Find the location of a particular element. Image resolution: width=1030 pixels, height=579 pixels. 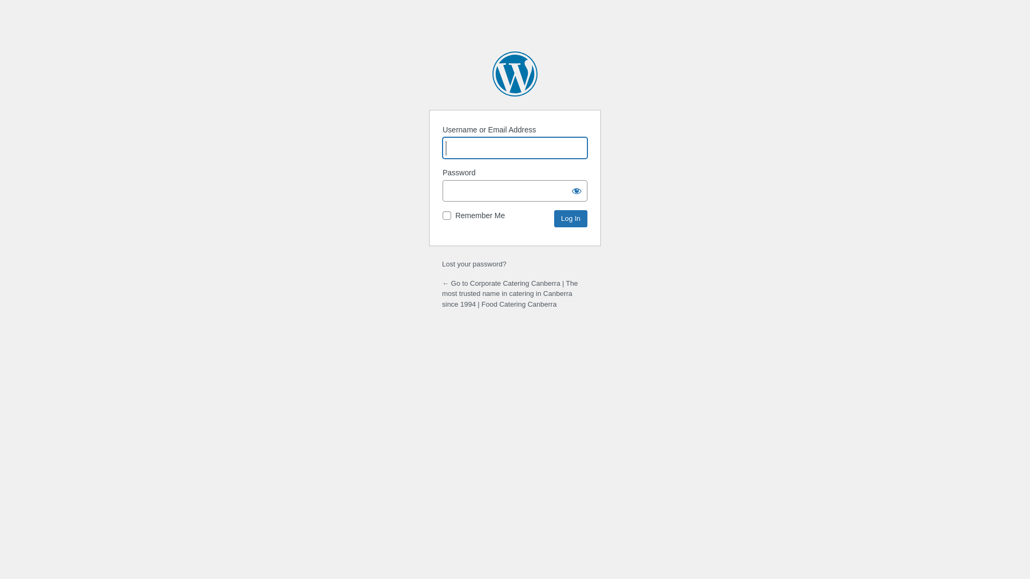

'Log In' is located at coordinates (570, 218).